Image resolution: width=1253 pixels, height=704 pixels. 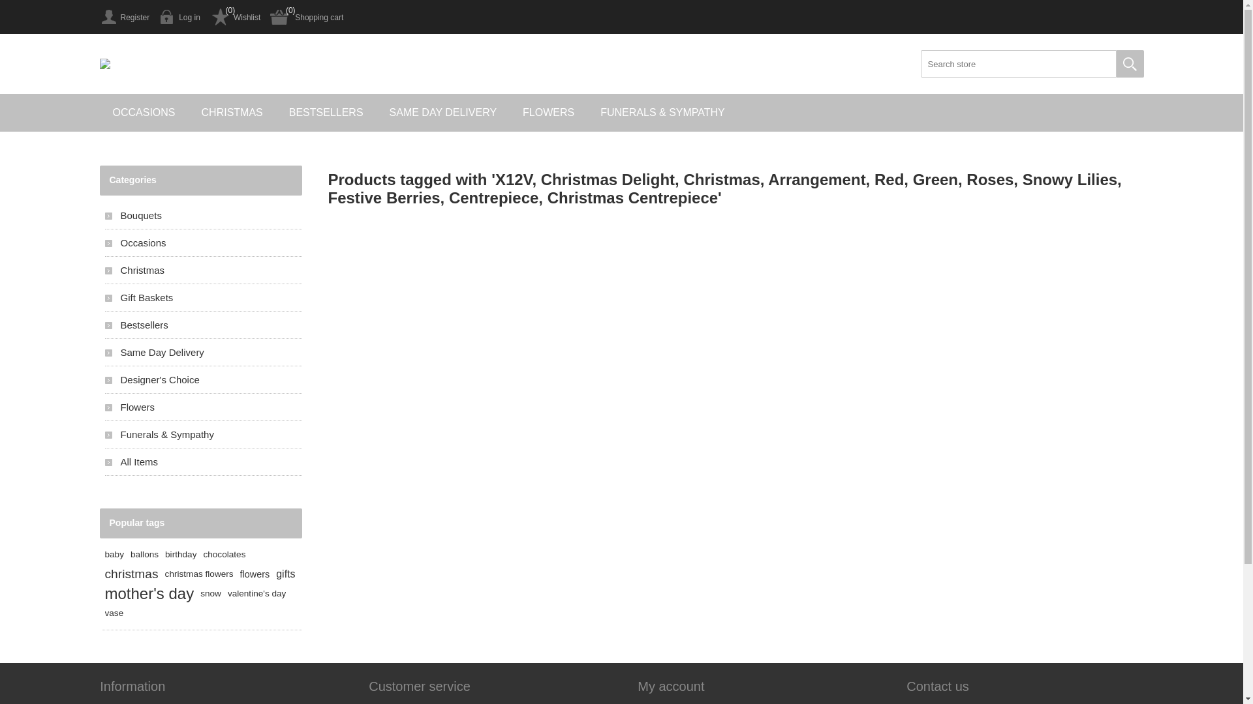 I want to click on 'vase', so click(x=103, y=613).